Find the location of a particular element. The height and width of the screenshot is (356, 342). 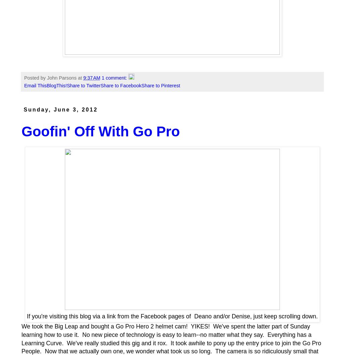

'Goofin' Off With Go Pro' is located at coordinates (100, 131).